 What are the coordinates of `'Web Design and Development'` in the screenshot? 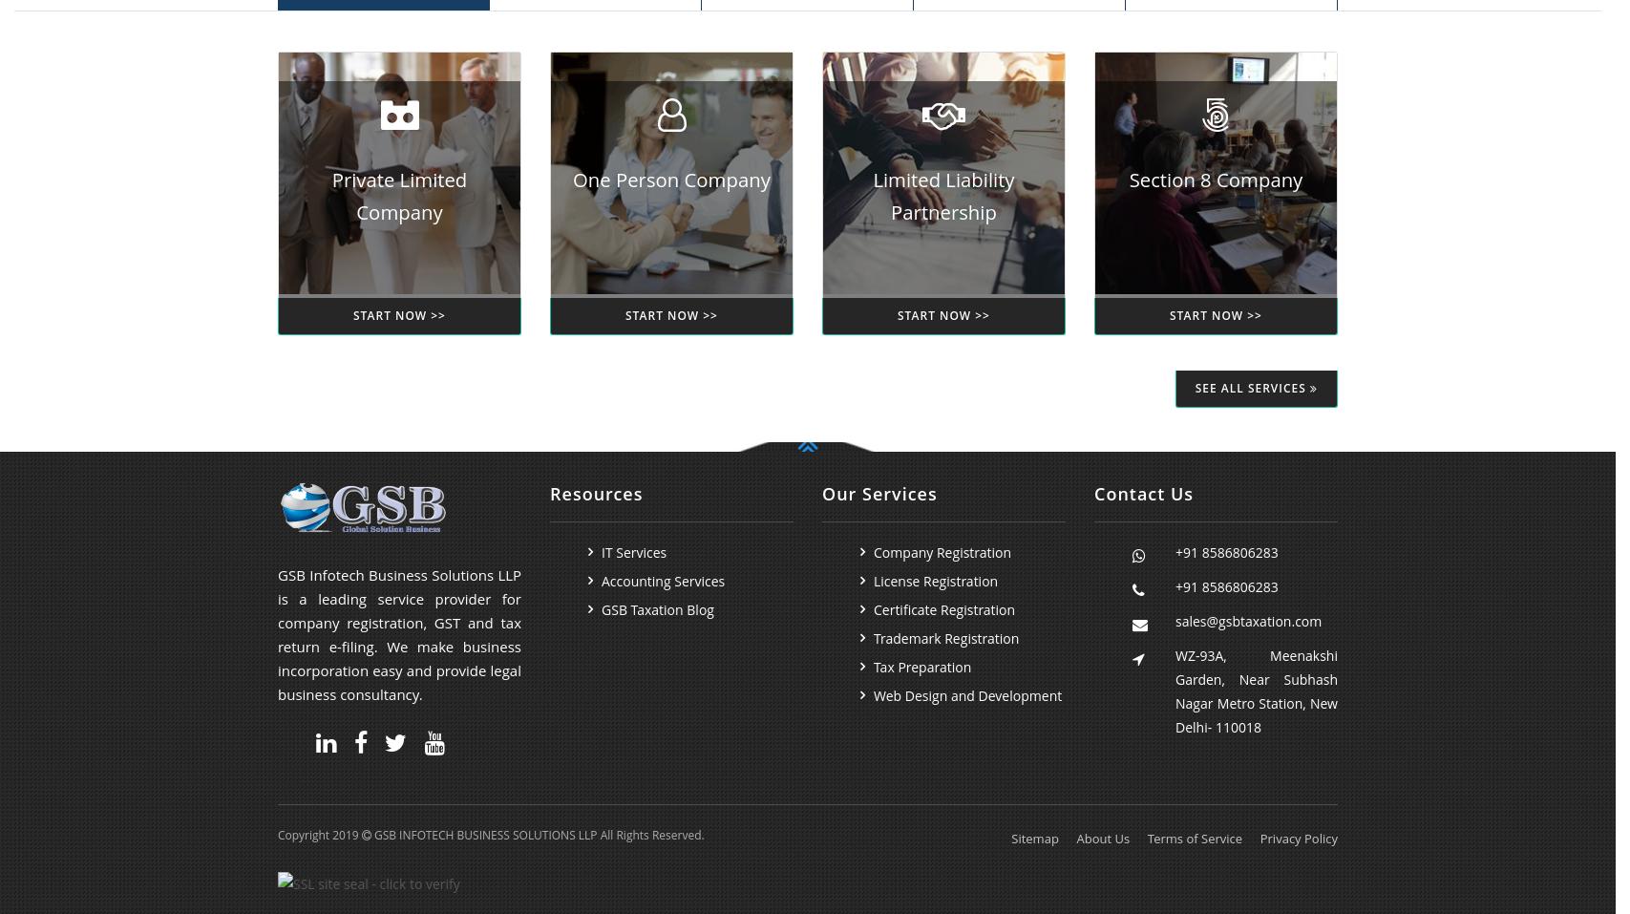 It's located at (966, 694).